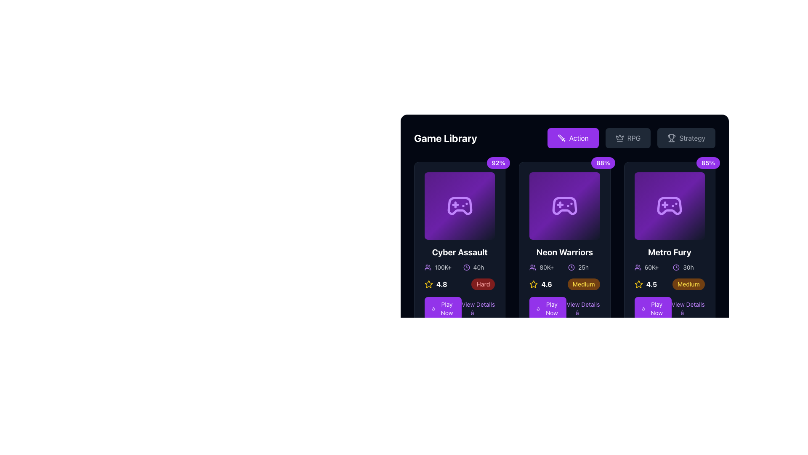  What do you see at coordinates (671, 136) in the screenshot?
I see `the trophy-like icon located in the header area of the application, positioned between the 'RPG' button and the 'Strategy' button in the navigation bar` at bounding box center [671, 136].